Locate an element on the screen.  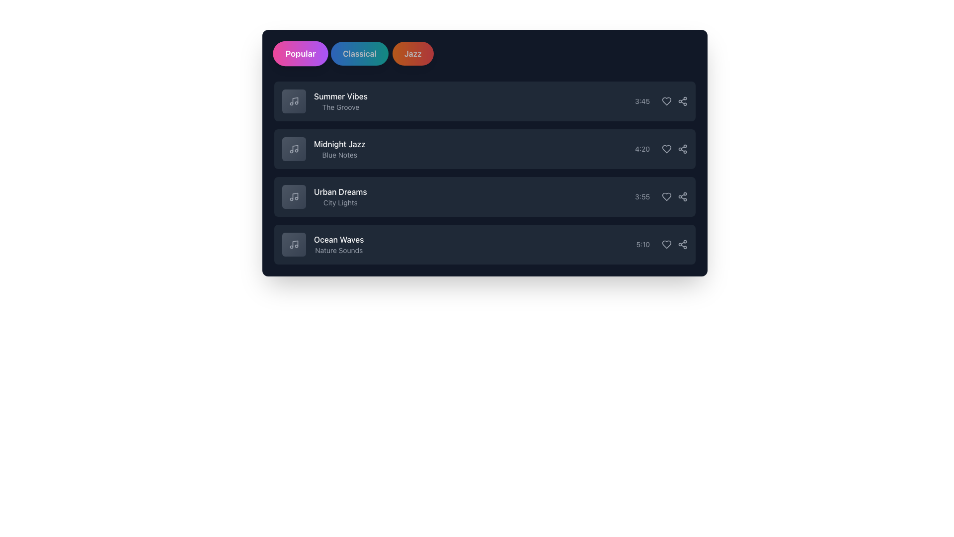
the heart icon button located next to the 'Ocean Waves' list item is located at coordinates (667, 245).